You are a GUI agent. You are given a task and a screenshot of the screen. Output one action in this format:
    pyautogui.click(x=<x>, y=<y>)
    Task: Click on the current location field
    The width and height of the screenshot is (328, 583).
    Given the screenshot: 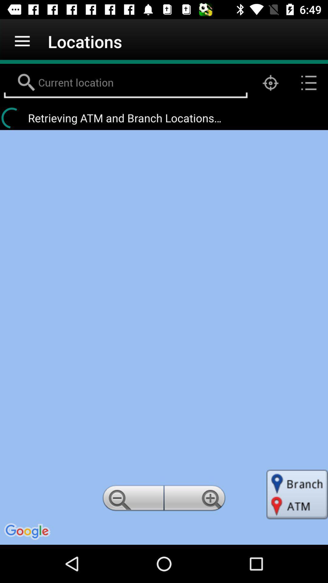 What is the action you would take?
    pyautogui.click(x=125, y=83)
    